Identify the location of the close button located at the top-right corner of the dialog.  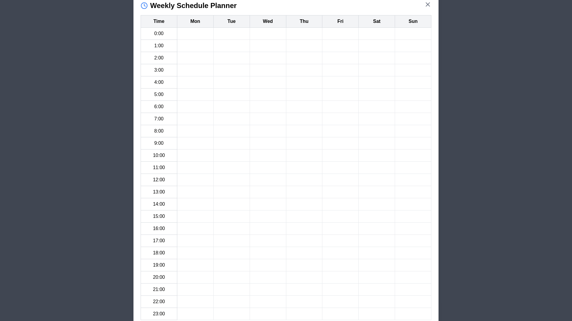
(427, 4).